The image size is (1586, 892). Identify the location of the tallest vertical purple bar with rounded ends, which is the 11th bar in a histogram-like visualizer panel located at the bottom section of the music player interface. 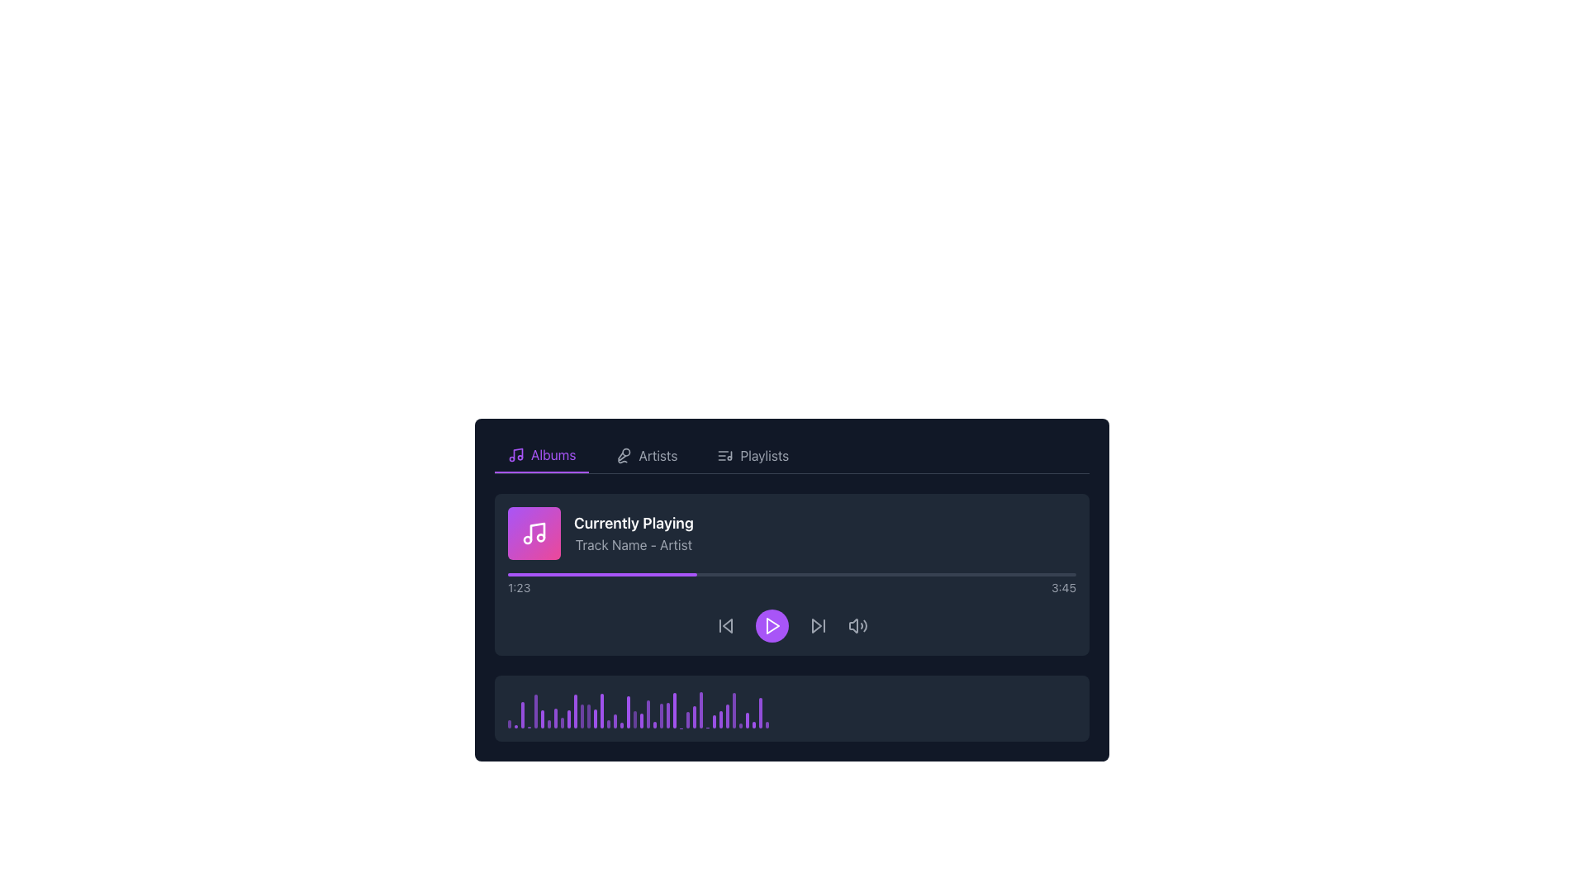
(575, 709).